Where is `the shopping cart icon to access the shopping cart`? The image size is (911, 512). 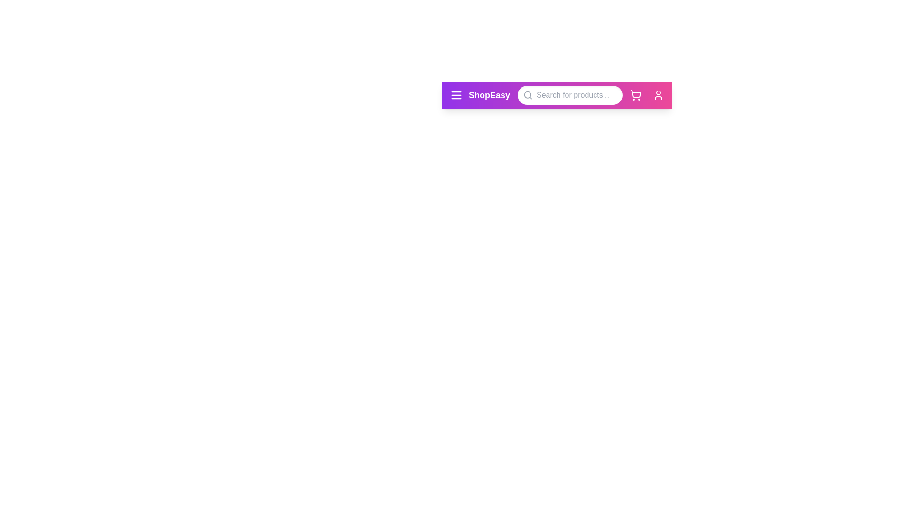
the shopping cart icon to access the shopping cart is located at coordinates (635, 95).